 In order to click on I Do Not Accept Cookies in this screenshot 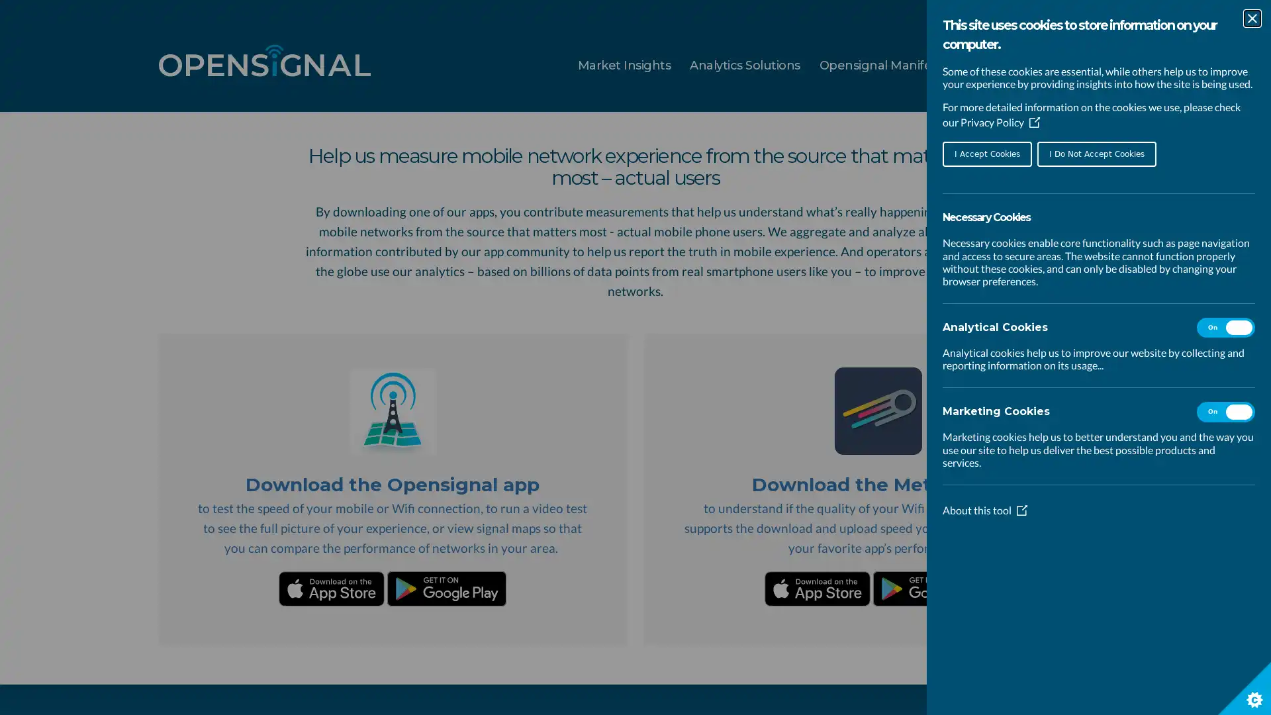, I will do `click(1096, 153)`.